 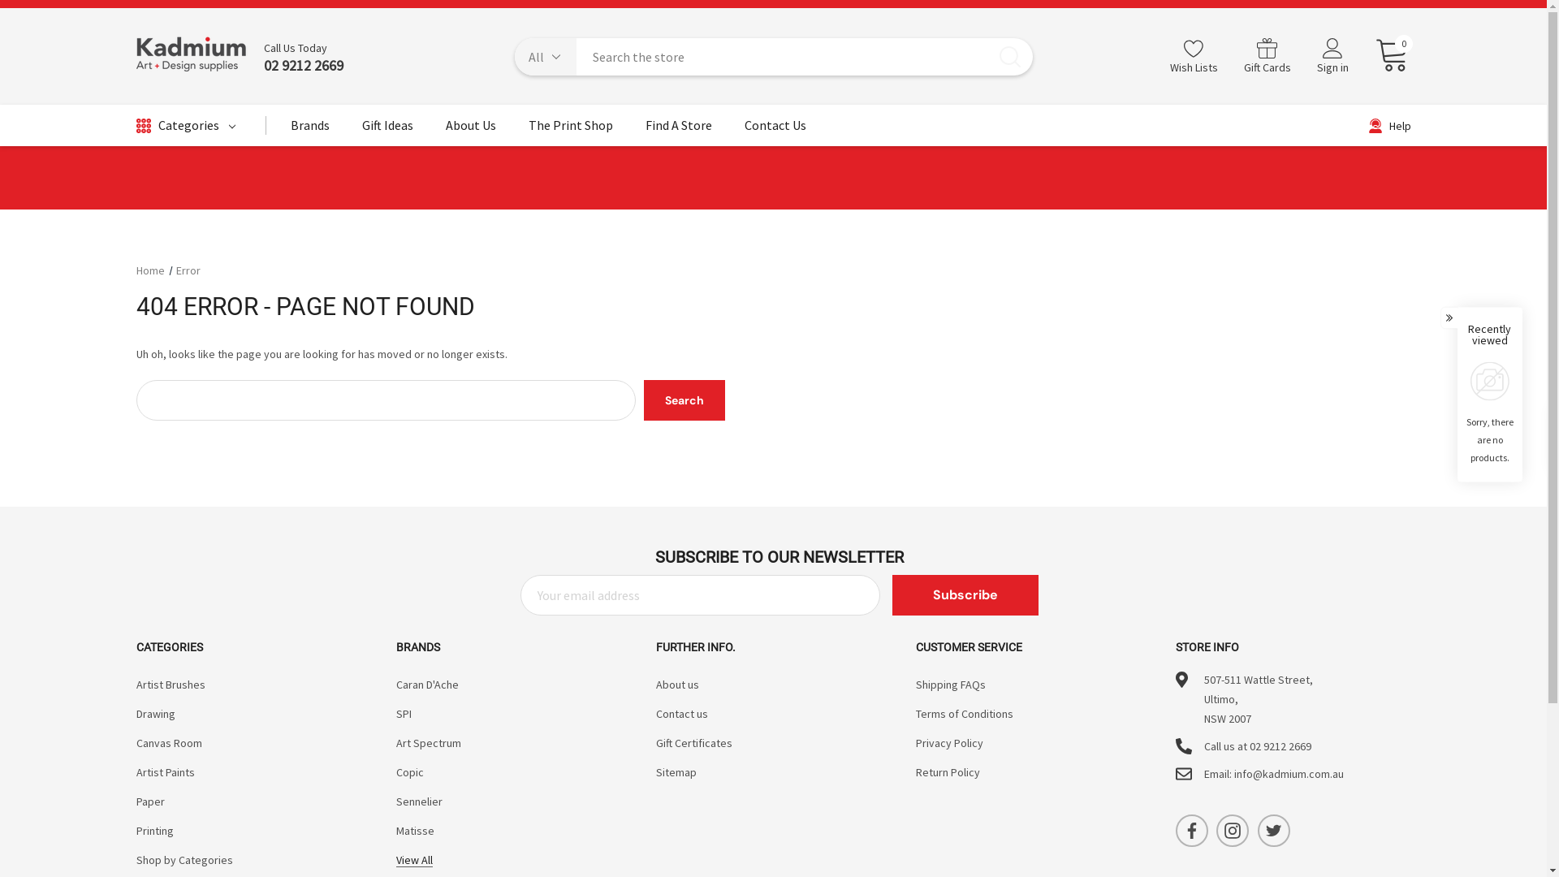 I want to click on 'Home', so click(x=150, y=269).